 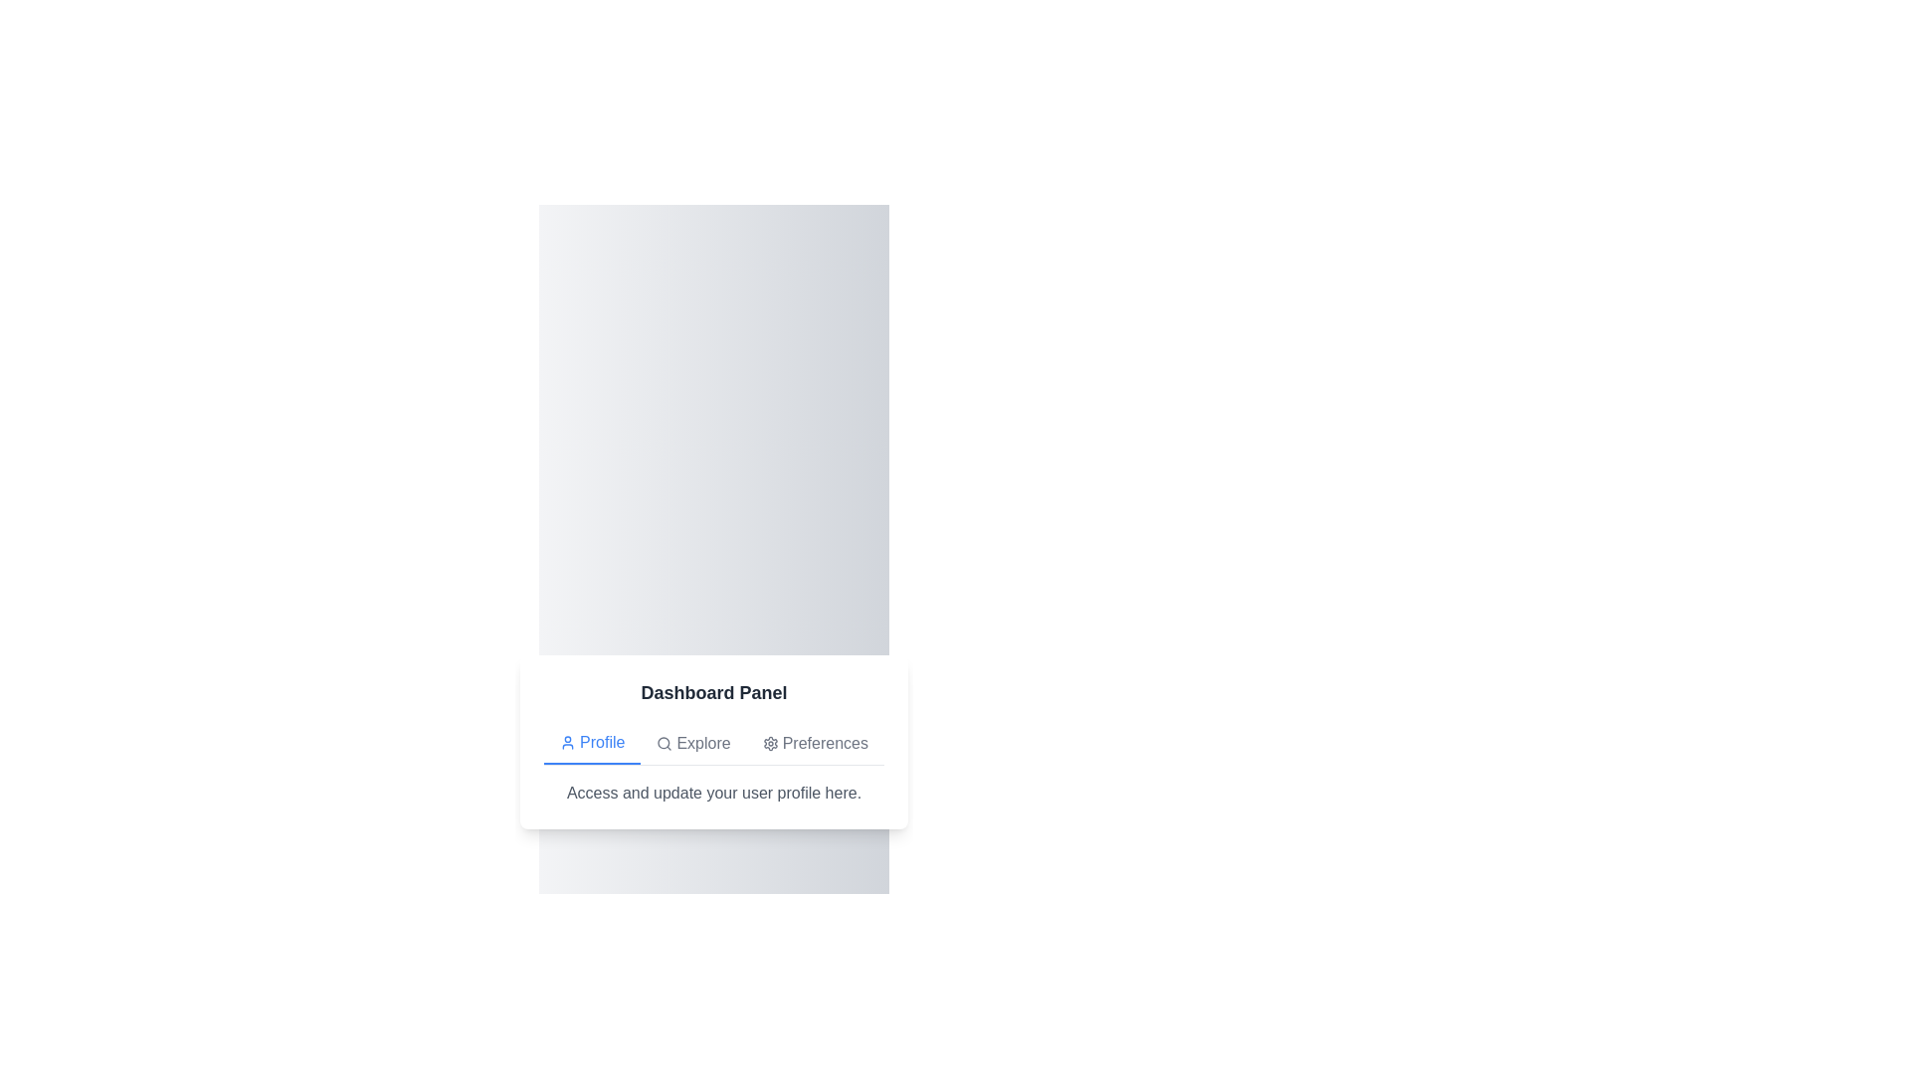 What do you see at coordinates (815, 743) in the screenshot?
I see `the third interactive item labeled 'Preferences' in the horizontal navigation list` at bounding box center [815, 743].